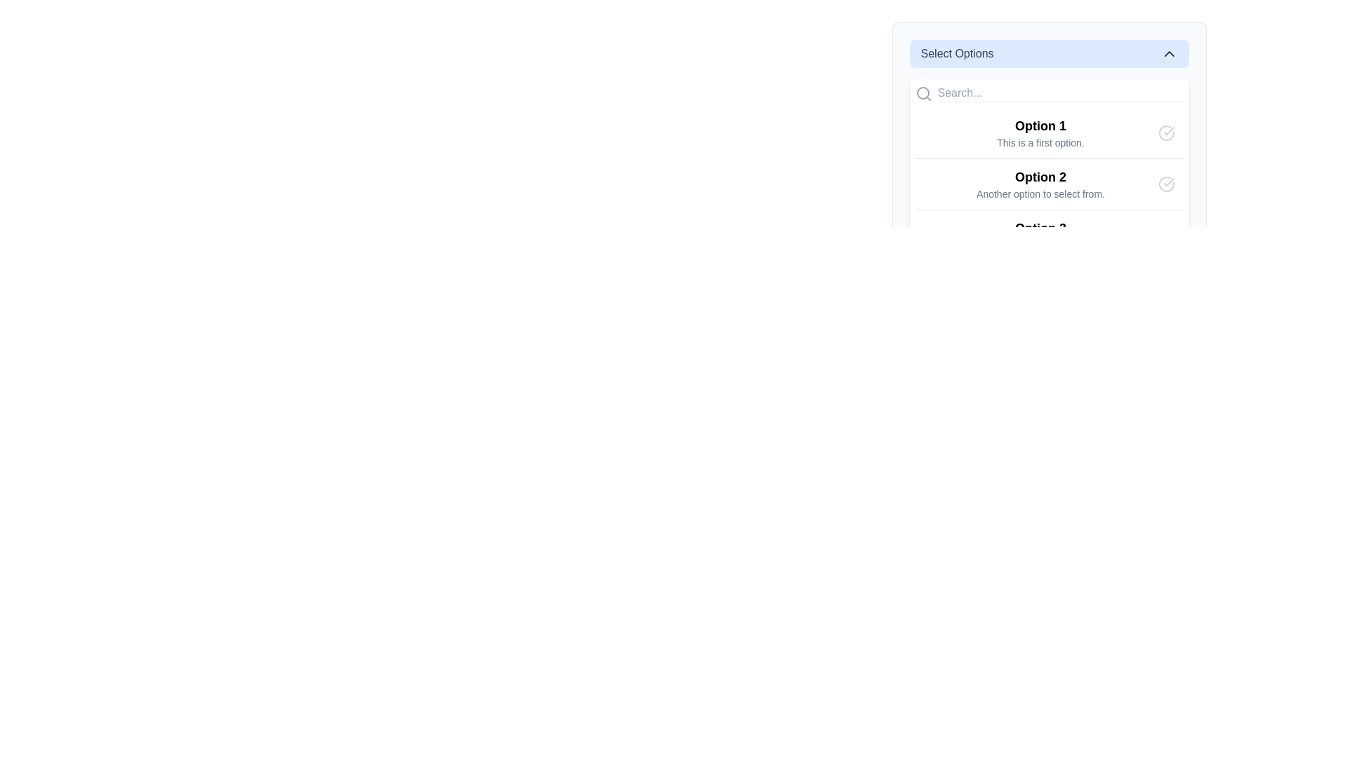  I want to click on the Chevron icon at the far-right end of the 'Select Options' button, so click(1169, 53).